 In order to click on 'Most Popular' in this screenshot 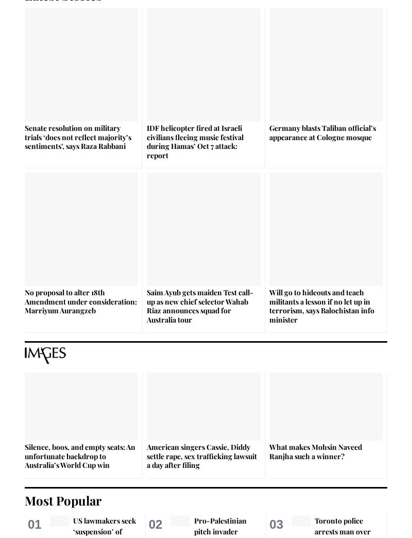, I will do `click(62, 499)`.